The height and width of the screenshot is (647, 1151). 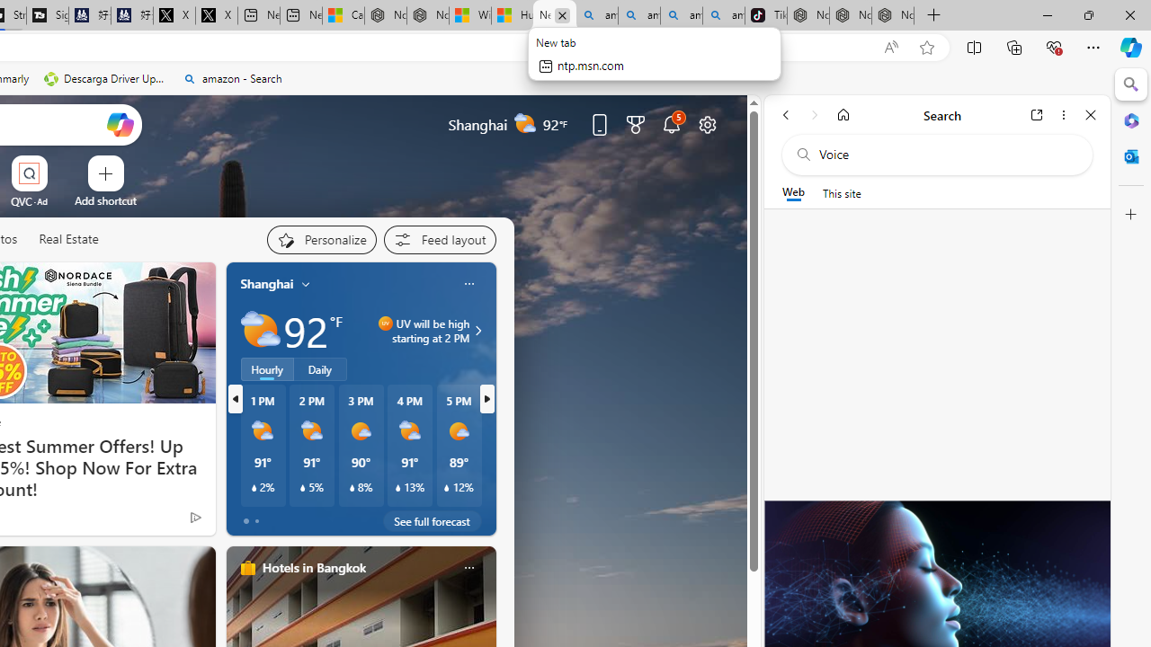 I want to click on 'amazon - Search Images', so click(x=724, y=15).